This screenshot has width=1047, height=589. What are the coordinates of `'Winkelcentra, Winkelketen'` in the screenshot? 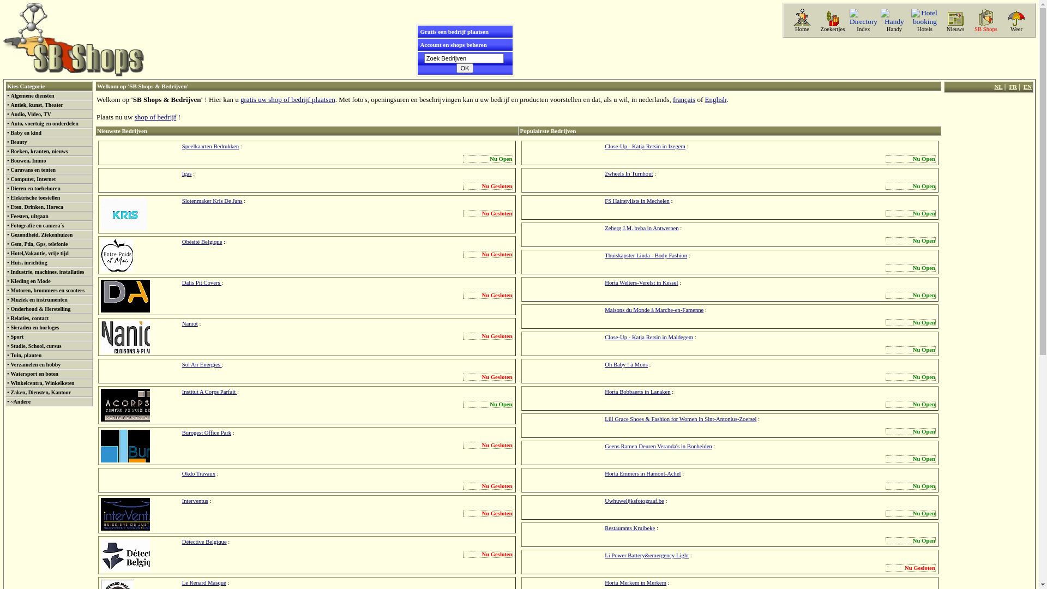 It's located at (42, 382).